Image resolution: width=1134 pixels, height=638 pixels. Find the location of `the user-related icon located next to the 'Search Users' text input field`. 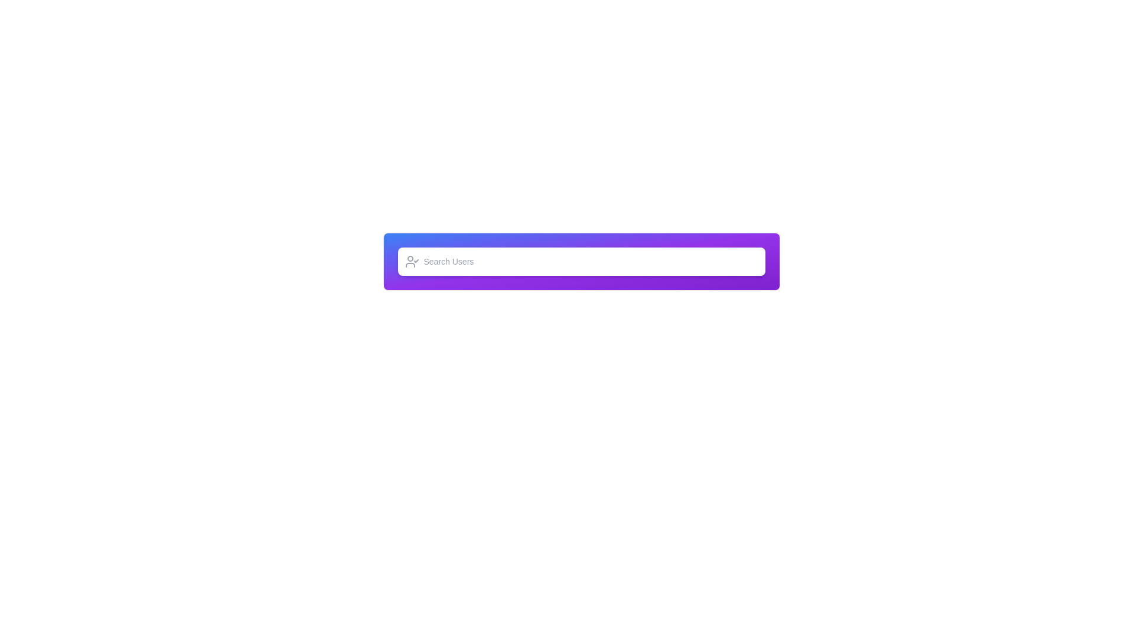

the user-related icon located next to the 'Search Users' text input field is located at coordinates (412, 261).